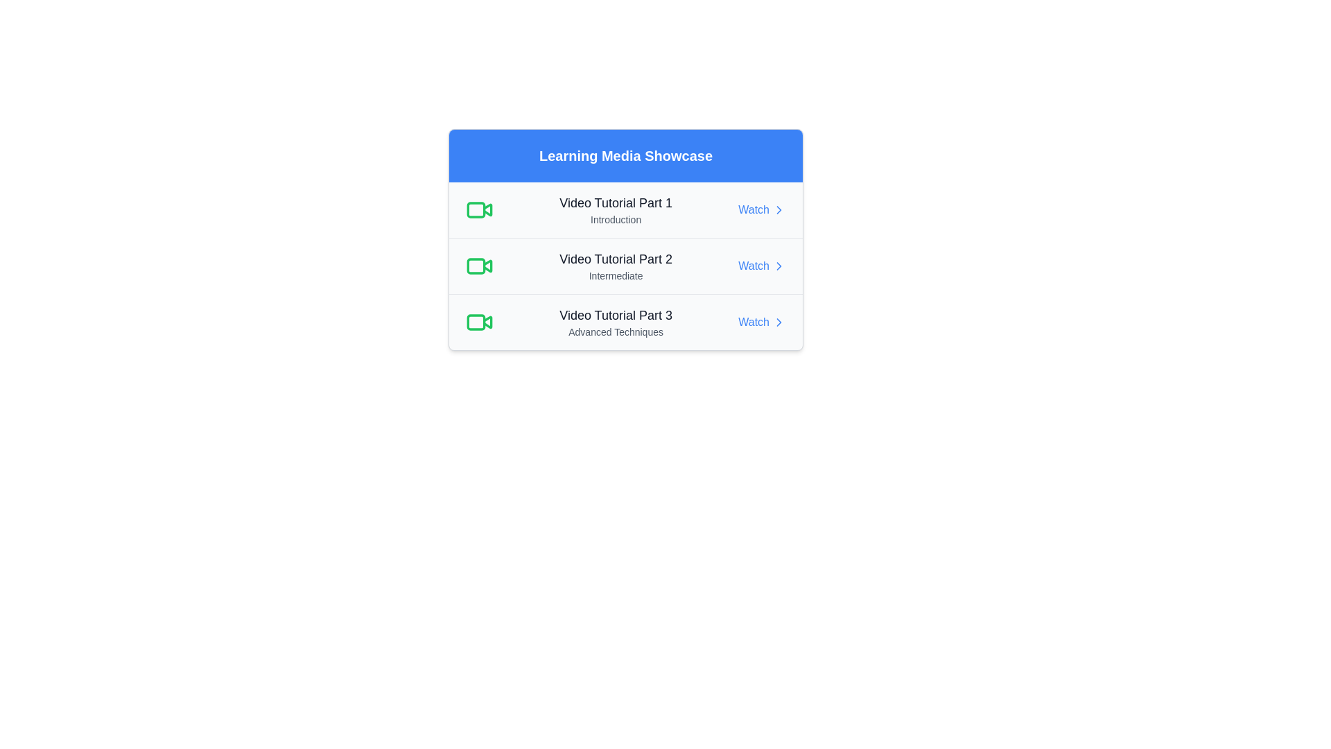 The width and height of the screenshot is (1331, 749). What do you see at coordinates (615, 332) in the screenshot?
I see `the descriptive text element located below the 'Video Tutorial Part 3' heading, which serves as additional detail for that section` at bounding box center [615, 332].